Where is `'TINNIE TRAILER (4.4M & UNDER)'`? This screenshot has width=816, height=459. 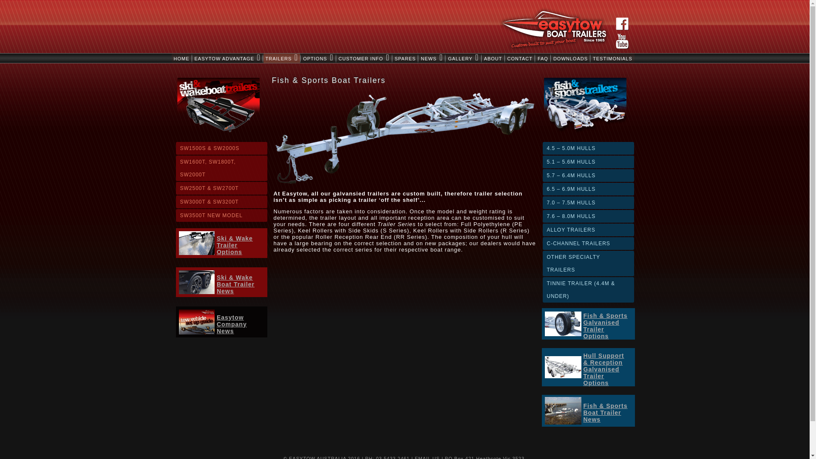 'TINNIE TRAILER (4.4M & UNDER)' is located at coordinates (587, 289).